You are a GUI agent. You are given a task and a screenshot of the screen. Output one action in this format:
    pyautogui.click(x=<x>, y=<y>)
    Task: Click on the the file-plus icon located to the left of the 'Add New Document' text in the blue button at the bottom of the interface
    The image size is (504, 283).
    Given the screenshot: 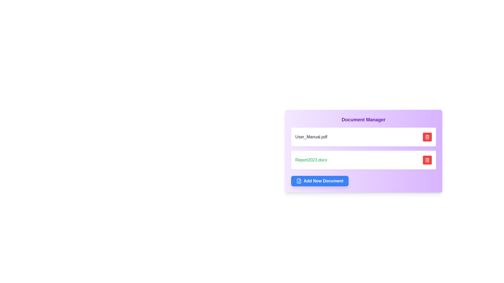 What is the action you would take?
    pyautogui.click(x=299, y=181)
    